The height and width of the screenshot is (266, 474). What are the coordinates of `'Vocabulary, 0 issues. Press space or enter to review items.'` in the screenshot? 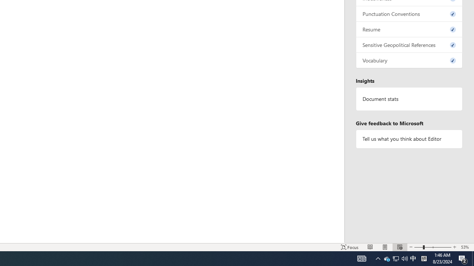 It's located at (409, 60).